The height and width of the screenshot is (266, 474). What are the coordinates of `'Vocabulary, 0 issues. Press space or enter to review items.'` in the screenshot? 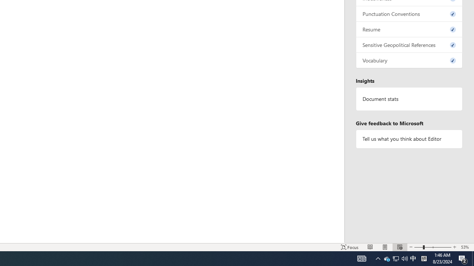 It's located at (409, 60).